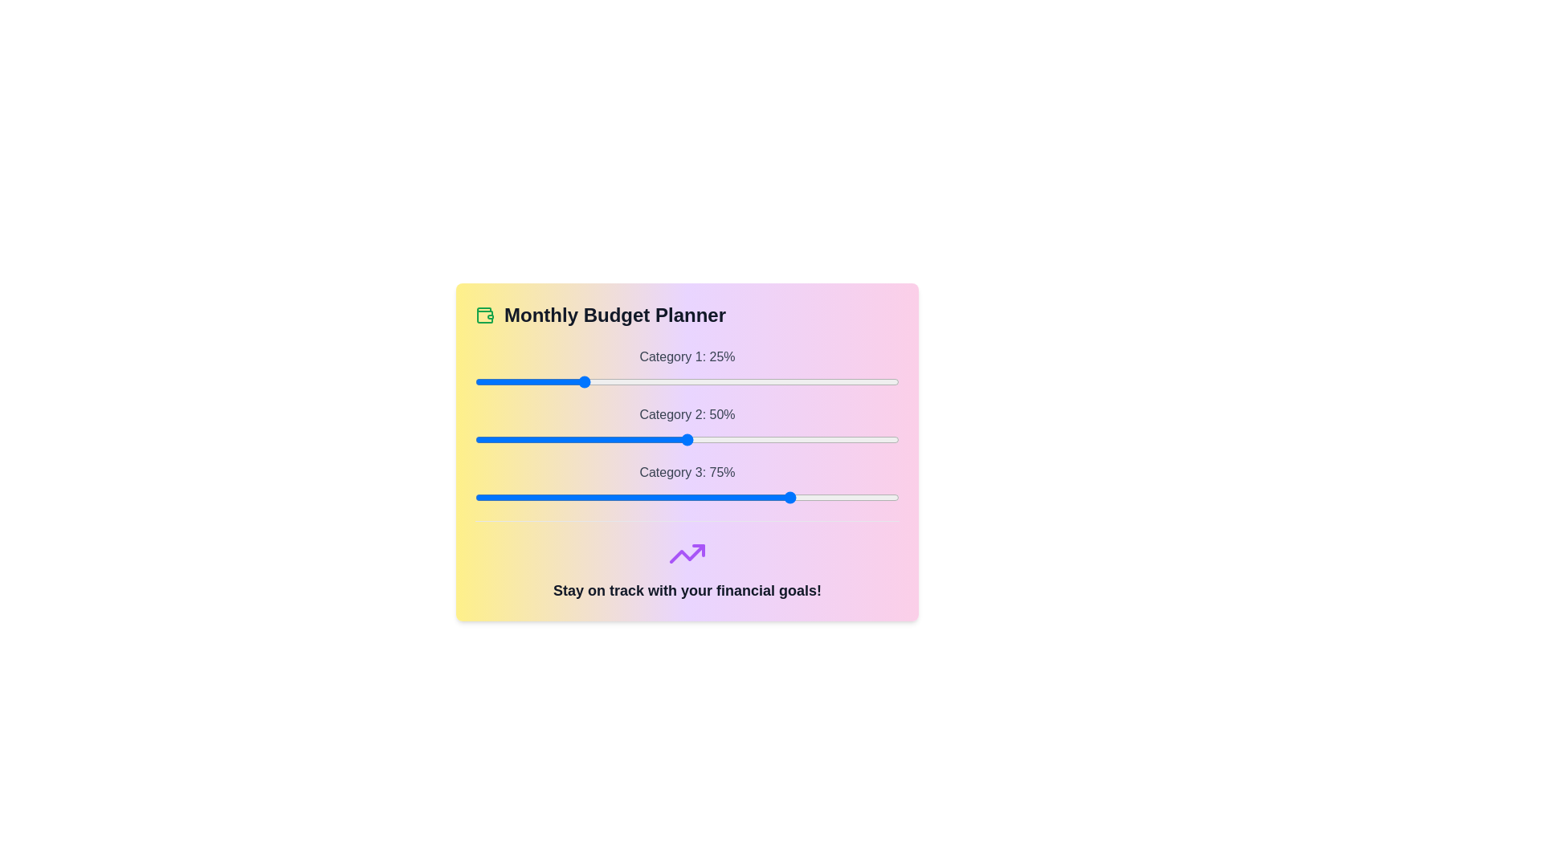  What do you see at coordinates (614, 381) in the screenshot?
I see `the slider for Category 1 to 33%` at bounding box center [614, 381].